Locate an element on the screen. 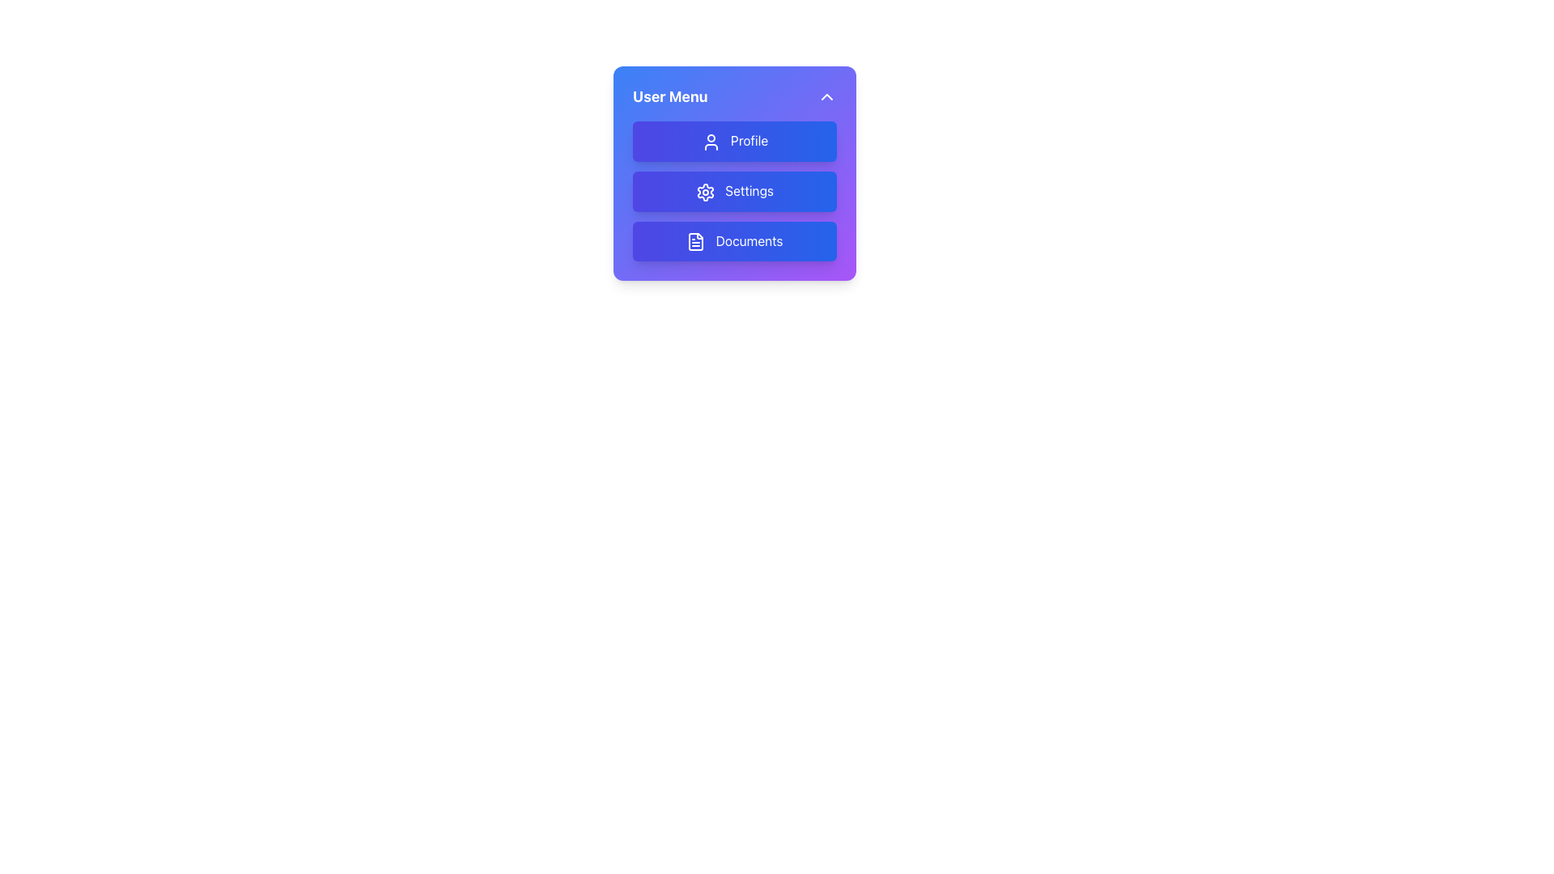 The width and height of the screenshot is (1554, 874). the central icon in the vertical menu under 'Settings' is located at coordinates (706, 191).